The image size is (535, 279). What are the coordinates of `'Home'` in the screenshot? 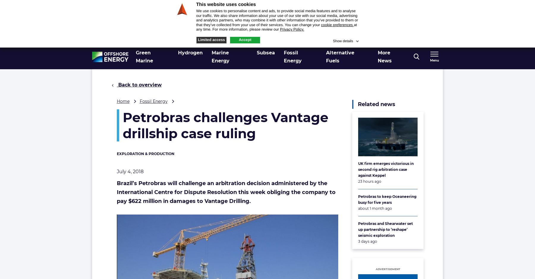 It's located at (123, 101).